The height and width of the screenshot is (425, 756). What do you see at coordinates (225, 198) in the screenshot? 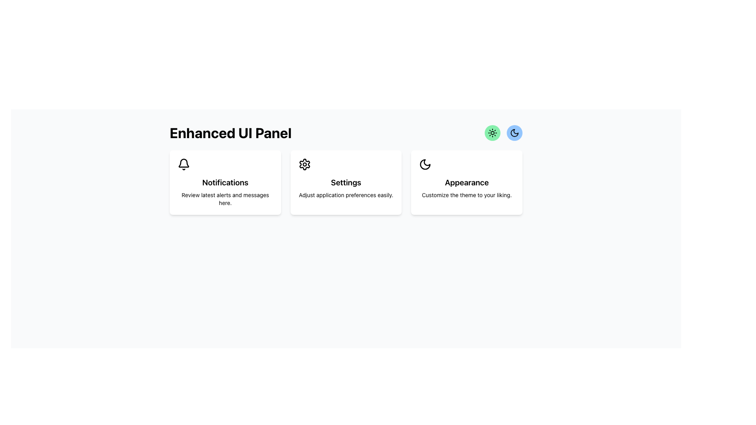
I see `information provided in the Text component located under the 'Notifications' title, which invites the user to review the latest alerts and messages` at bounding box center [225, 198].